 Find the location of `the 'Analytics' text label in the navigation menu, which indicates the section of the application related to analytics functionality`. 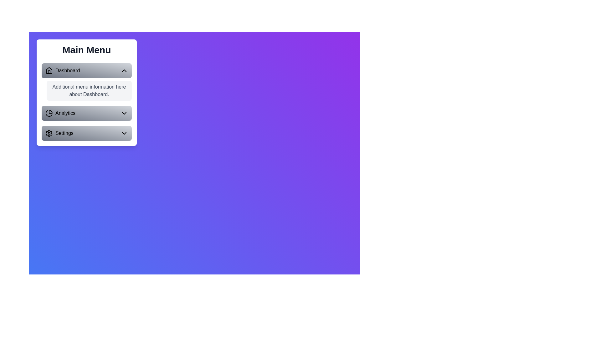

the 'Analytics' text label in the navigation menu, which indicates the section of the application related to analytics functionality is located at coordinates (65, 113).